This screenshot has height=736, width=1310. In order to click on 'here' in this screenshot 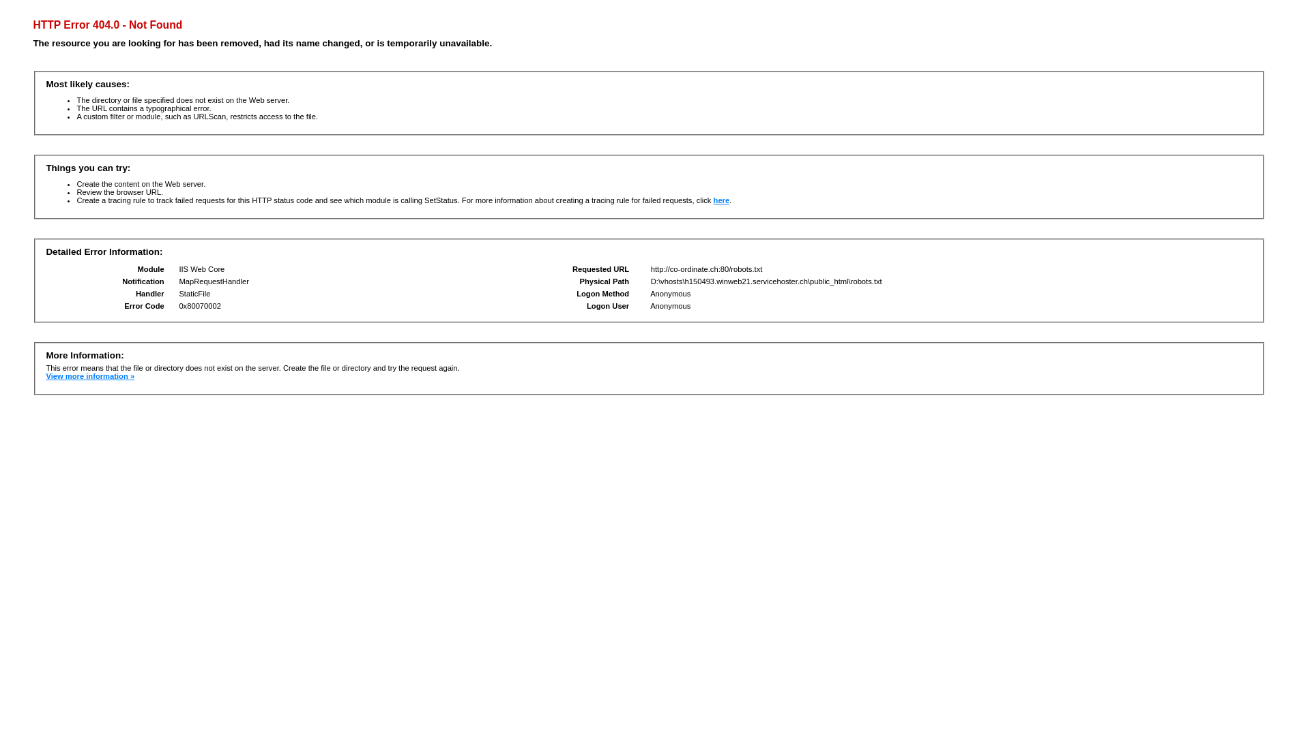, I will do `click(713, 200)`.